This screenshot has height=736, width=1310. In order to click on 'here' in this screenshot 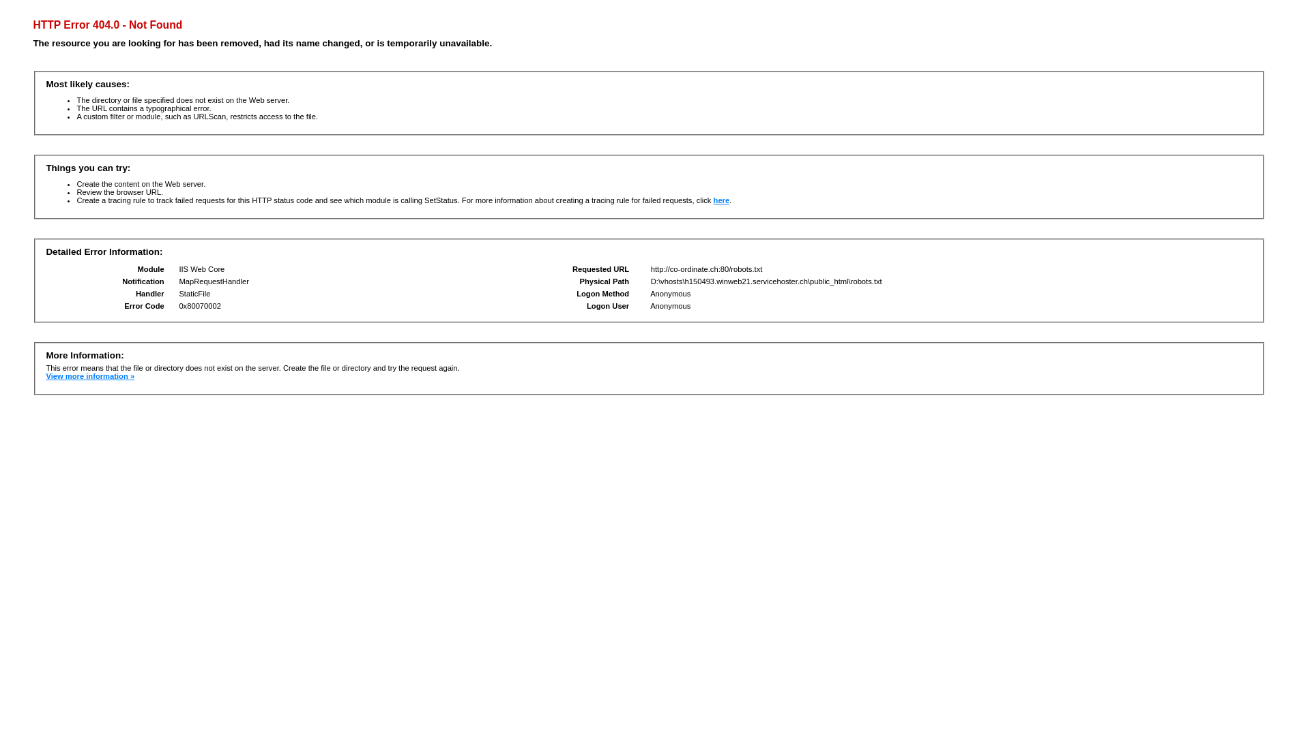, I will do `click(713, 200)`.